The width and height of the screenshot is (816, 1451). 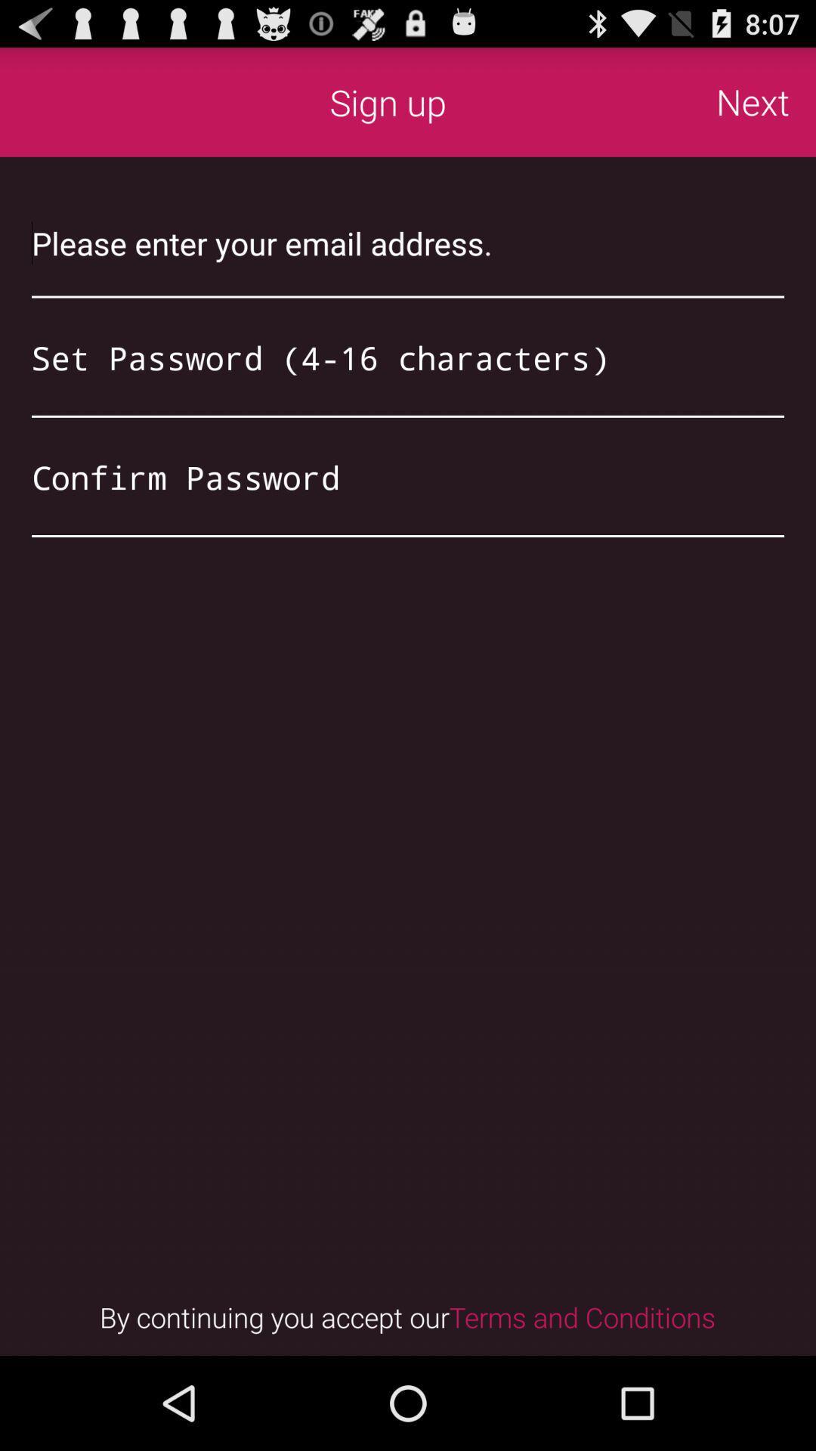 What do you see at coordinates (408, 357) in the screenshot?
I see `a new password` at bounding box center [408, 357].